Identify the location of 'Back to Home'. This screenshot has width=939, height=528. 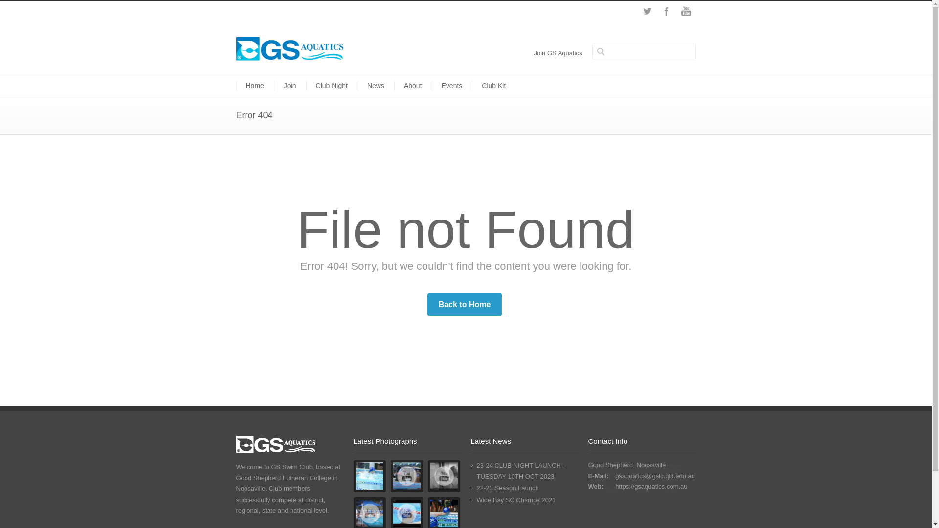
(464, 304).